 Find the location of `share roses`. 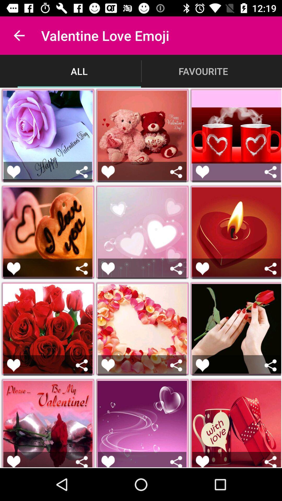

share roses is located at coordinates (82, 365).